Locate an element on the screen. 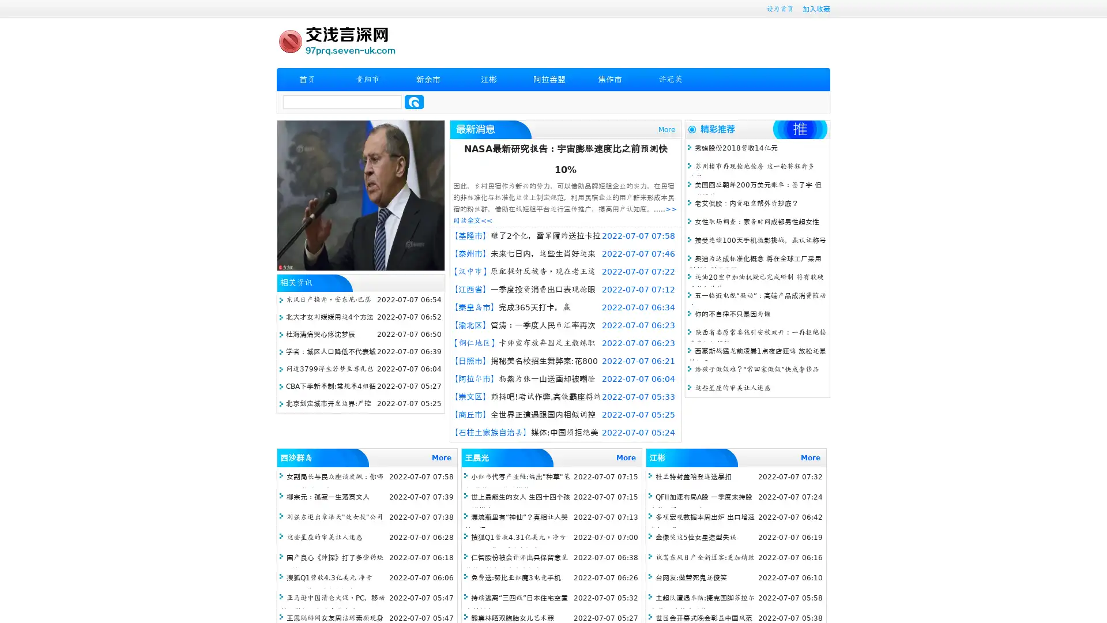 The image size is (1107, 623). Search is located at coordinates (414, 102).